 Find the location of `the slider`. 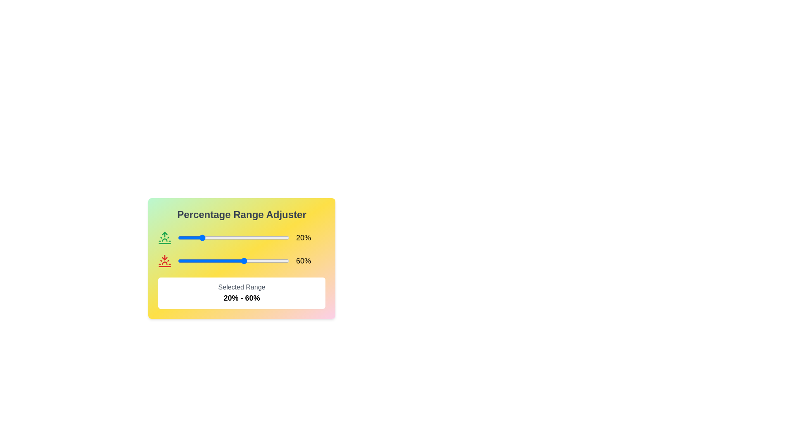

the slider is located at coordinates (216, 261).